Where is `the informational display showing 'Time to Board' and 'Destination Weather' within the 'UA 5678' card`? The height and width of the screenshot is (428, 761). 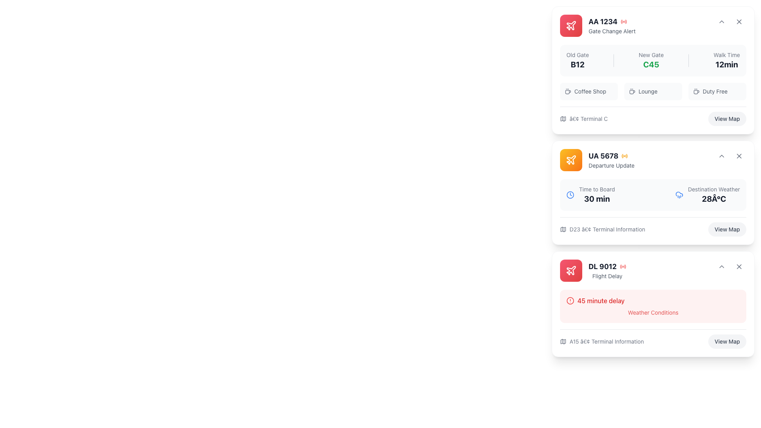 the informational display showing 'Time to Board' and 'Destination Weather' within the 'UA 5678' card is located at coordinates (653, 207).